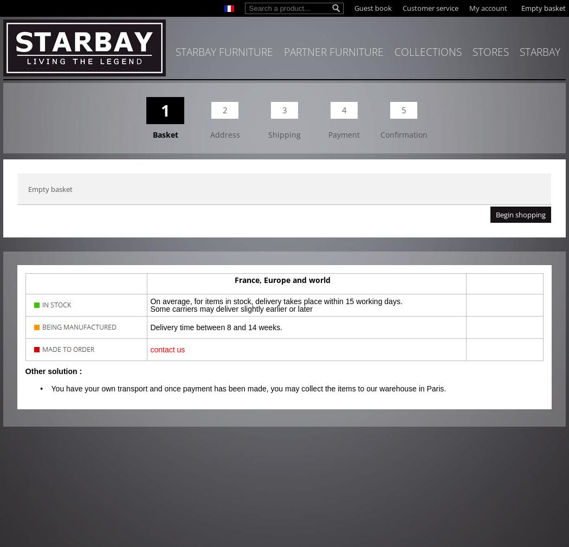  I want to click on 'Furniture inspired by craft furniture.', so click(398, 173).